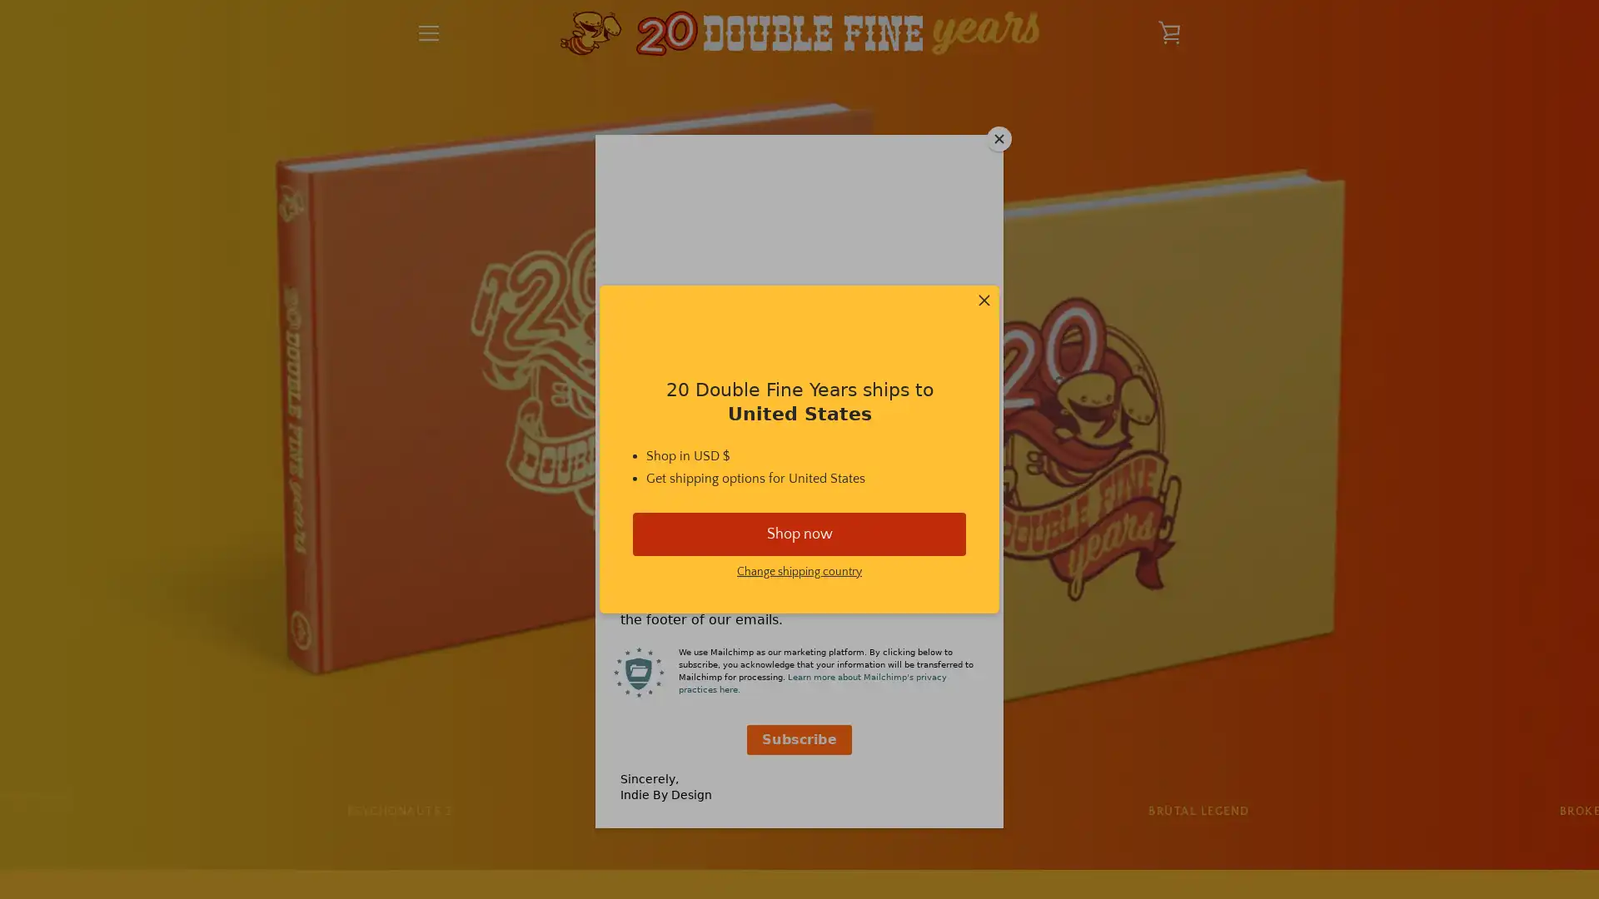 The image size is (1599, 899). What do you see at coordinates (984, 301) in the screenshot?
I see `Dismiss` at bounding box center [984, 301].